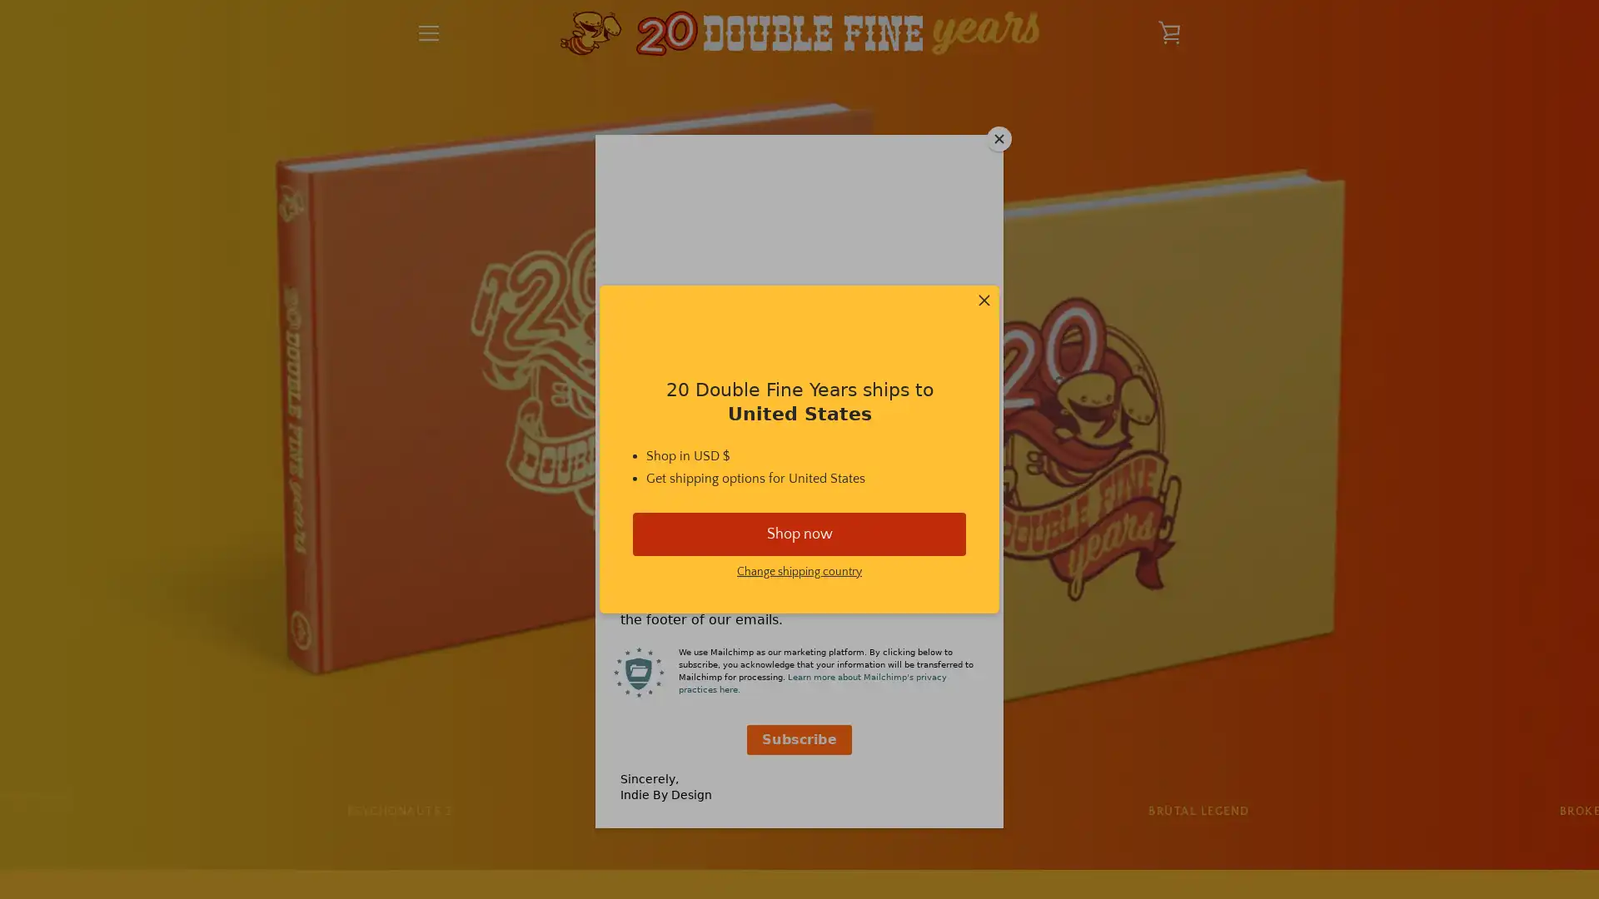 The image size is (1599, 899). What do you see at coordinates (984, 301) in the screenshot?
I see `Dismiss` at bounding box center [984, 301].